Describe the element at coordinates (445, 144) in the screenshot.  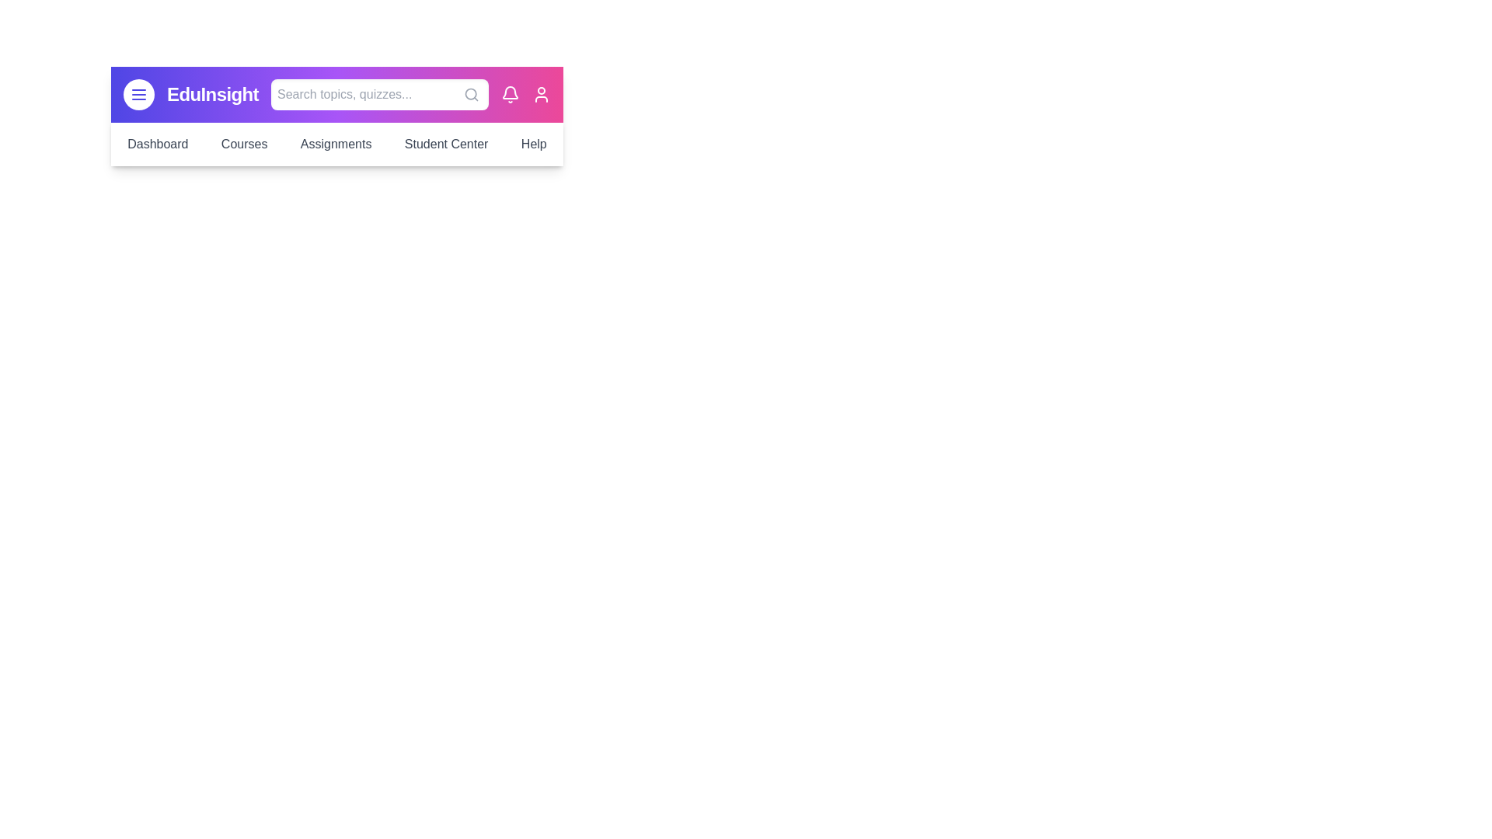
I see `the menu item Student Center to navigate to the corresponding section` at that location.